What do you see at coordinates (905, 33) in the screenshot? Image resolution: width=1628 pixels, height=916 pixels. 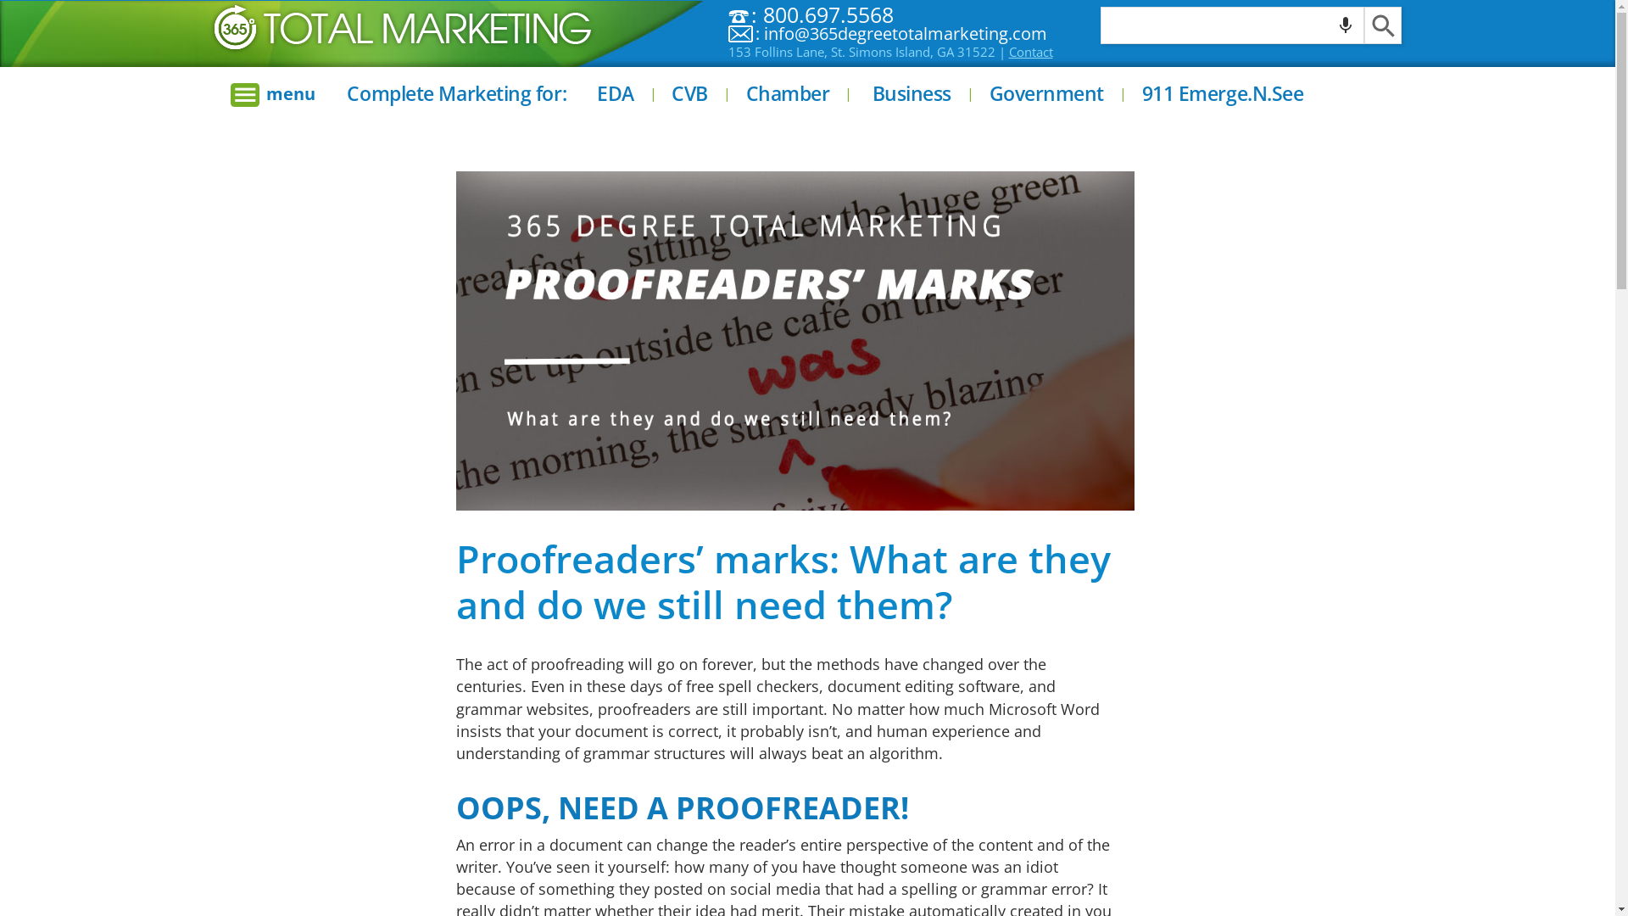 I see `'info@365degreetotalmarketing.com'` at bounding box center [905, 33].